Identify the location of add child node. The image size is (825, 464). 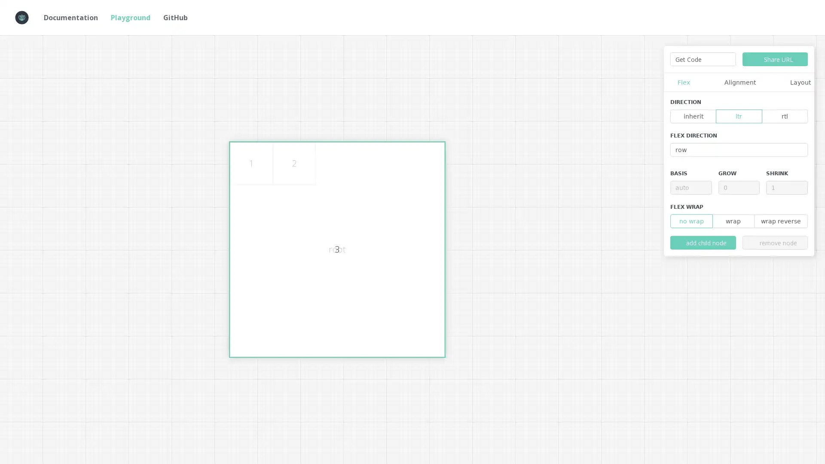
(703, 242).